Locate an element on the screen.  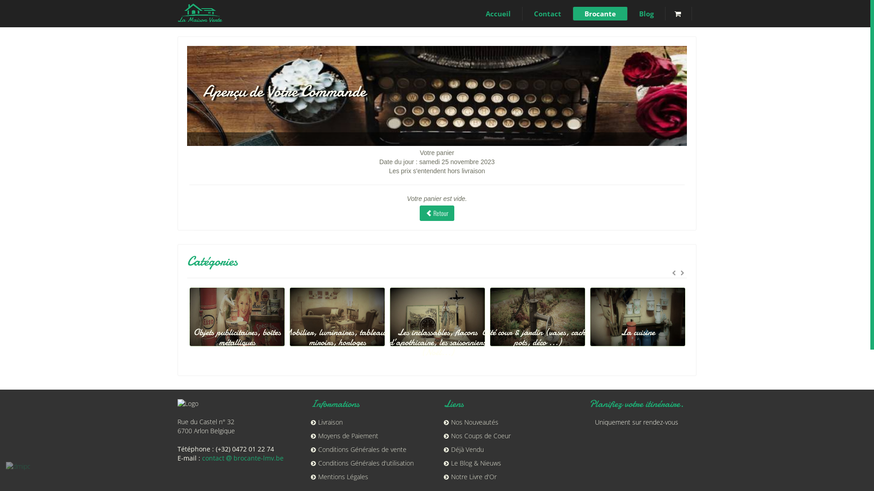
'Blog' is located at coordinates (627, 14).